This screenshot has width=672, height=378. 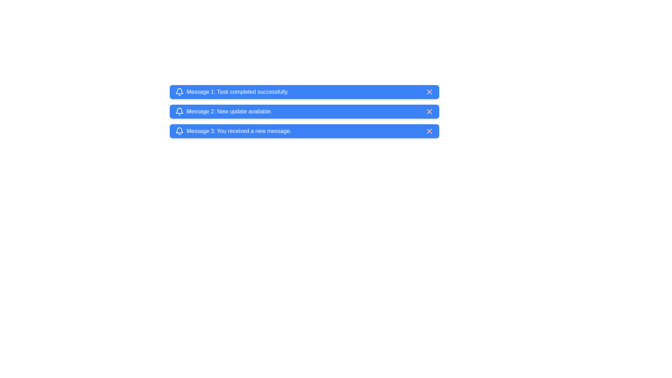 What do you see at coordinates (223, 111) in the screenshot?
I see `the second notification text label with an icon that informs the user about a new update being available` at bounding box center [223, 111].